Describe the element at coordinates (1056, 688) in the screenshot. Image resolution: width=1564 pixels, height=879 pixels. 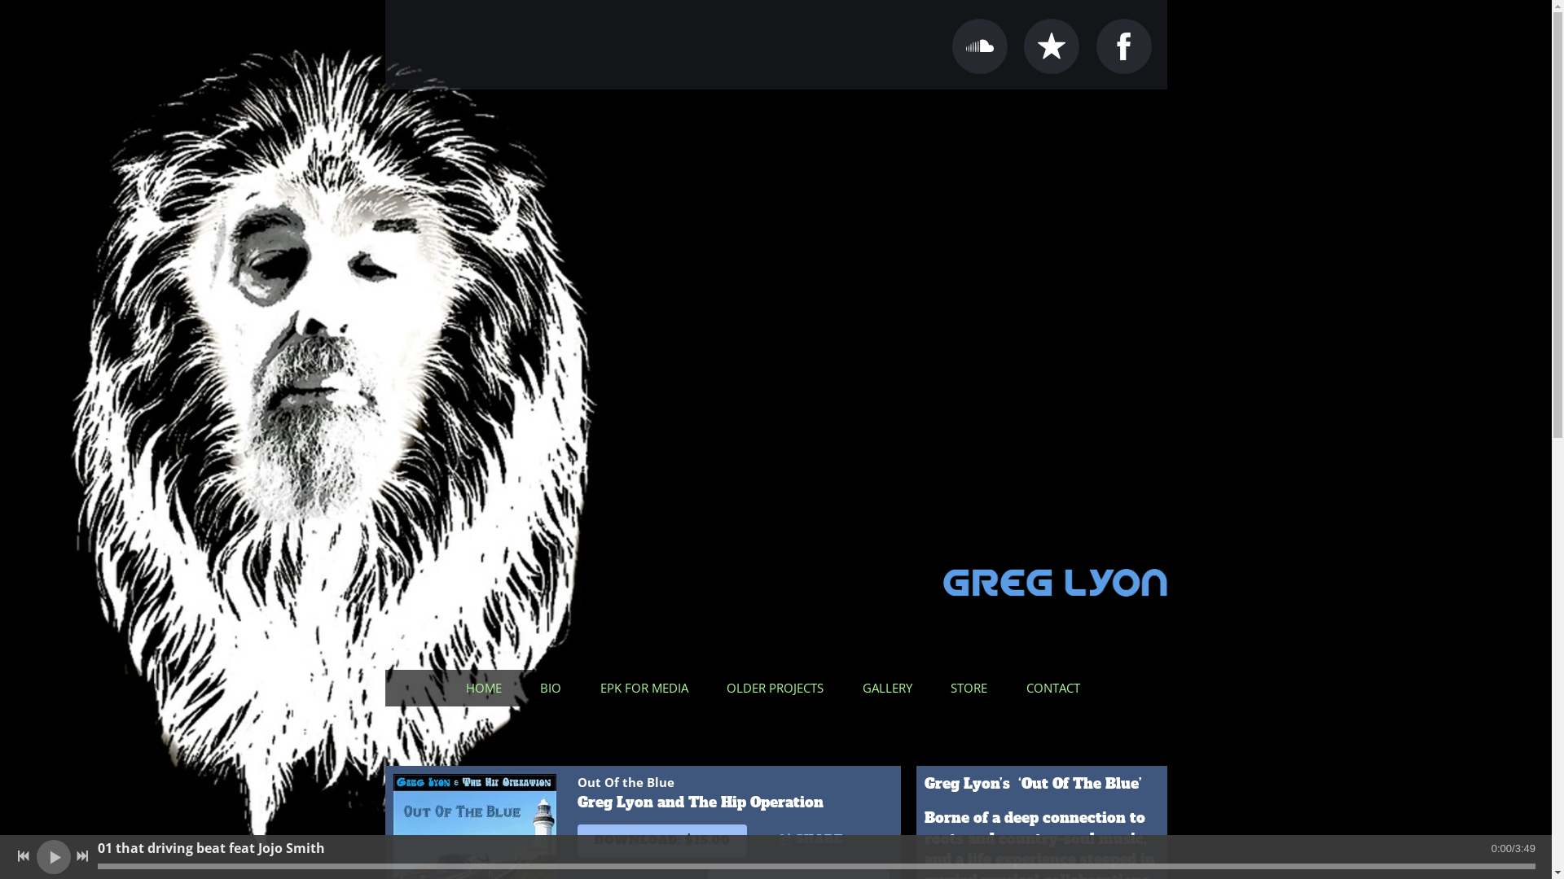
I see `'CONTACT'` at that location.